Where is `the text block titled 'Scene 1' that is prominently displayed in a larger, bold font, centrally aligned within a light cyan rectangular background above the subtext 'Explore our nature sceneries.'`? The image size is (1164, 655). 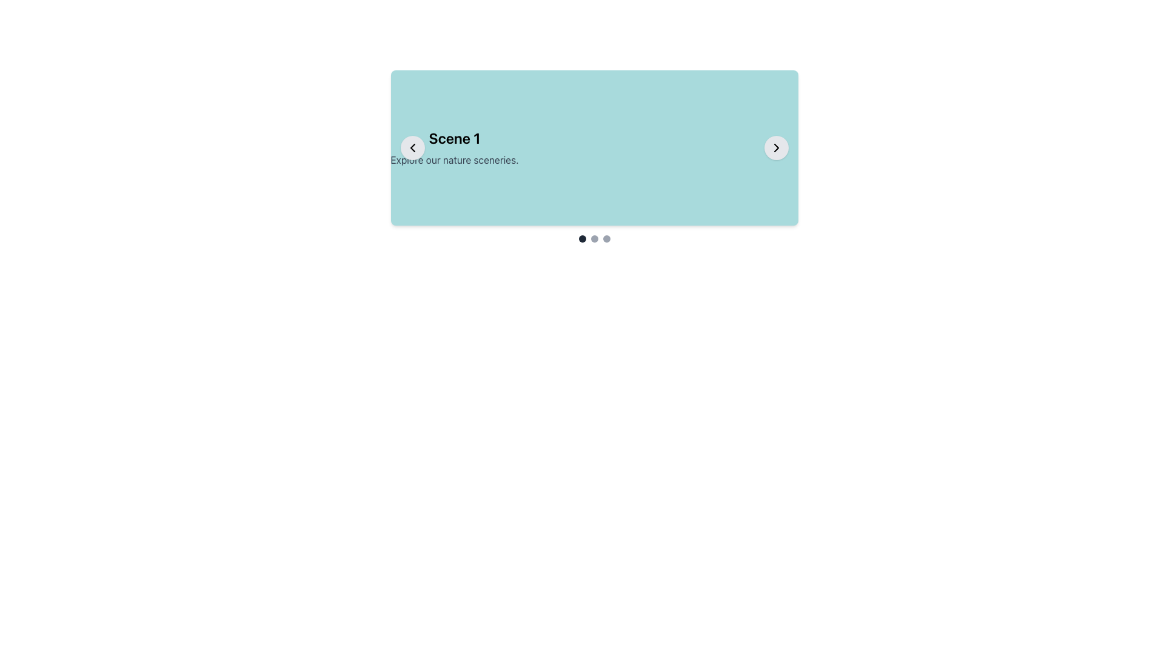 the text block titled 'Scene 1' that is prominently displayed in a larger, bold font, centrally aligned within a light cyan rectangular background above the subtext 'Explore our nature sceneries.' is located at coordinates (453, 147).